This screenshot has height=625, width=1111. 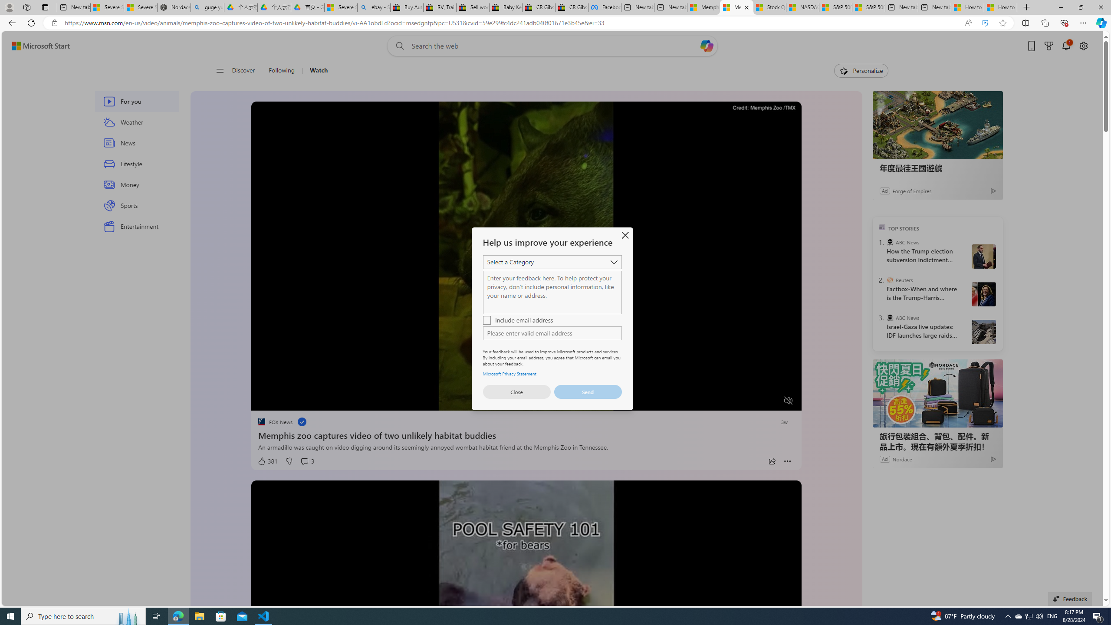 I want to click on 'Seek Forward', so click(x=299, y=401).